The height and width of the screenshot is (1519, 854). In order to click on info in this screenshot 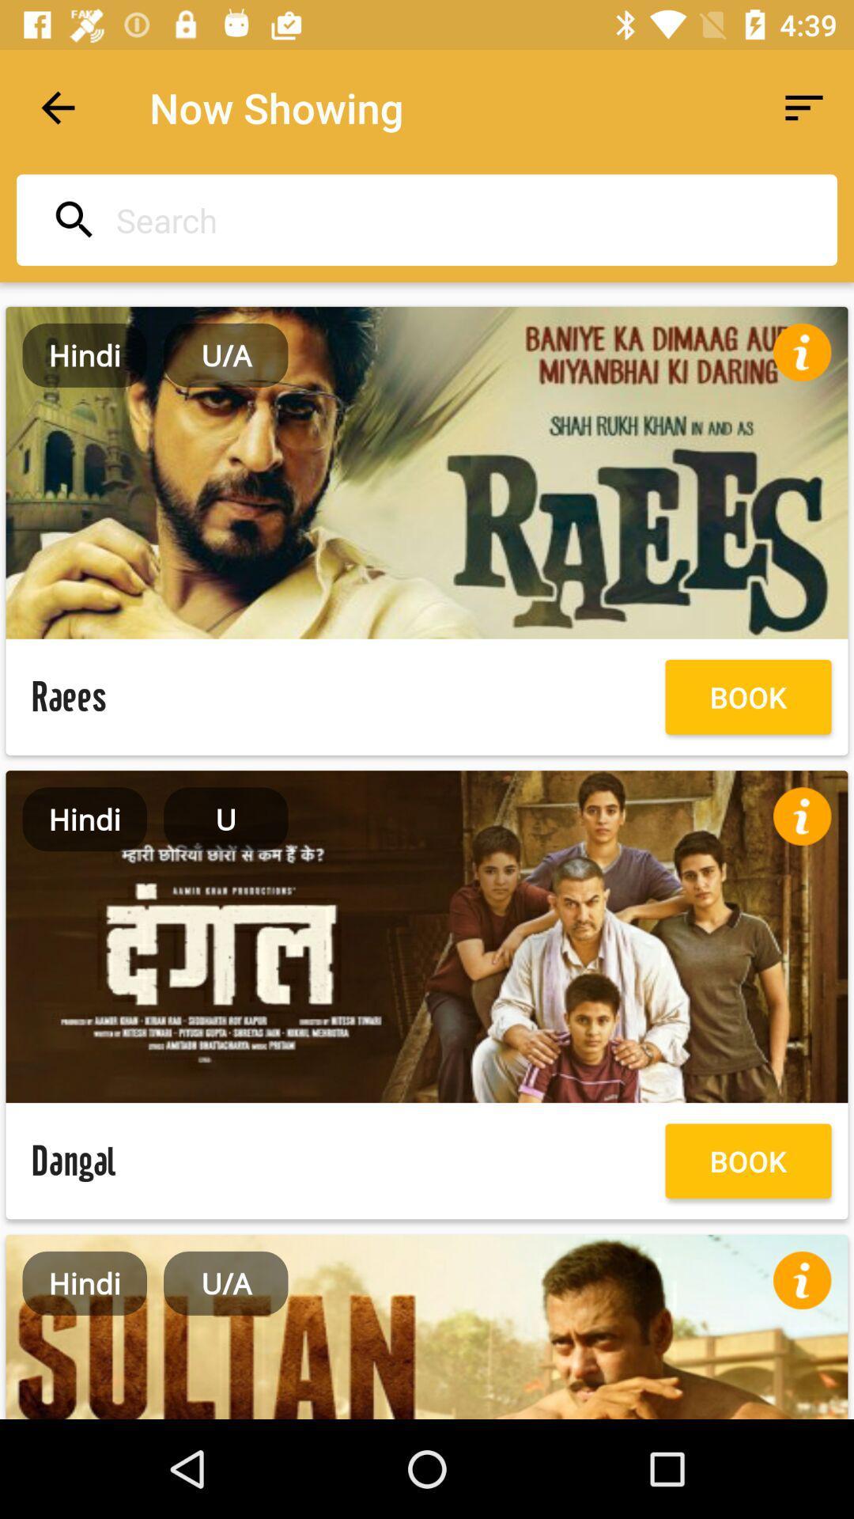, I will do `click(802, 351)`.